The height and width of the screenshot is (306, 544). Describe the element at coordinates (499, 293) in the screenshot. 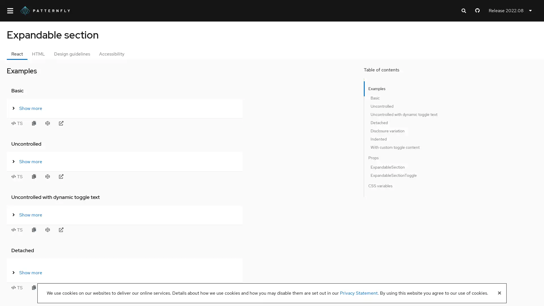

I see `Close banner` at that location.